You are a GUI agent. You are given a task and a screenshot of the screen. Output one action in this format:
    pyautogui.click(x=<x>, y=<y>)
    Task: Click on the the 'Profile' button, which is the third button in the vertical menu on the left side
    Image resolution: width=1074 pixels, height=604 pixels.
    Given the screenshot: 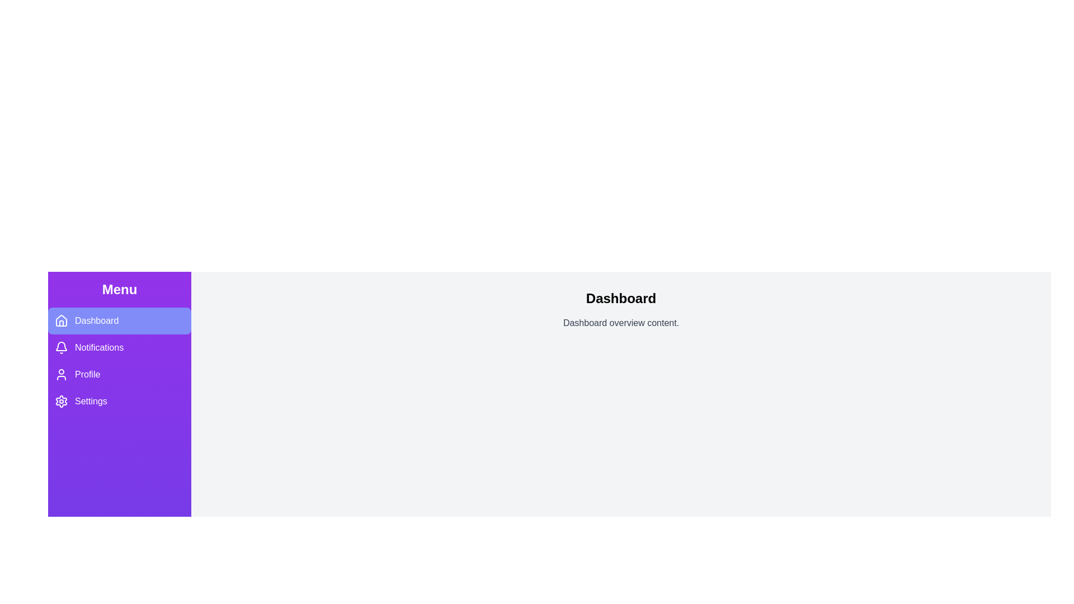 What is the action you would take?
    pyautogui.click(x=120, y=375)
    